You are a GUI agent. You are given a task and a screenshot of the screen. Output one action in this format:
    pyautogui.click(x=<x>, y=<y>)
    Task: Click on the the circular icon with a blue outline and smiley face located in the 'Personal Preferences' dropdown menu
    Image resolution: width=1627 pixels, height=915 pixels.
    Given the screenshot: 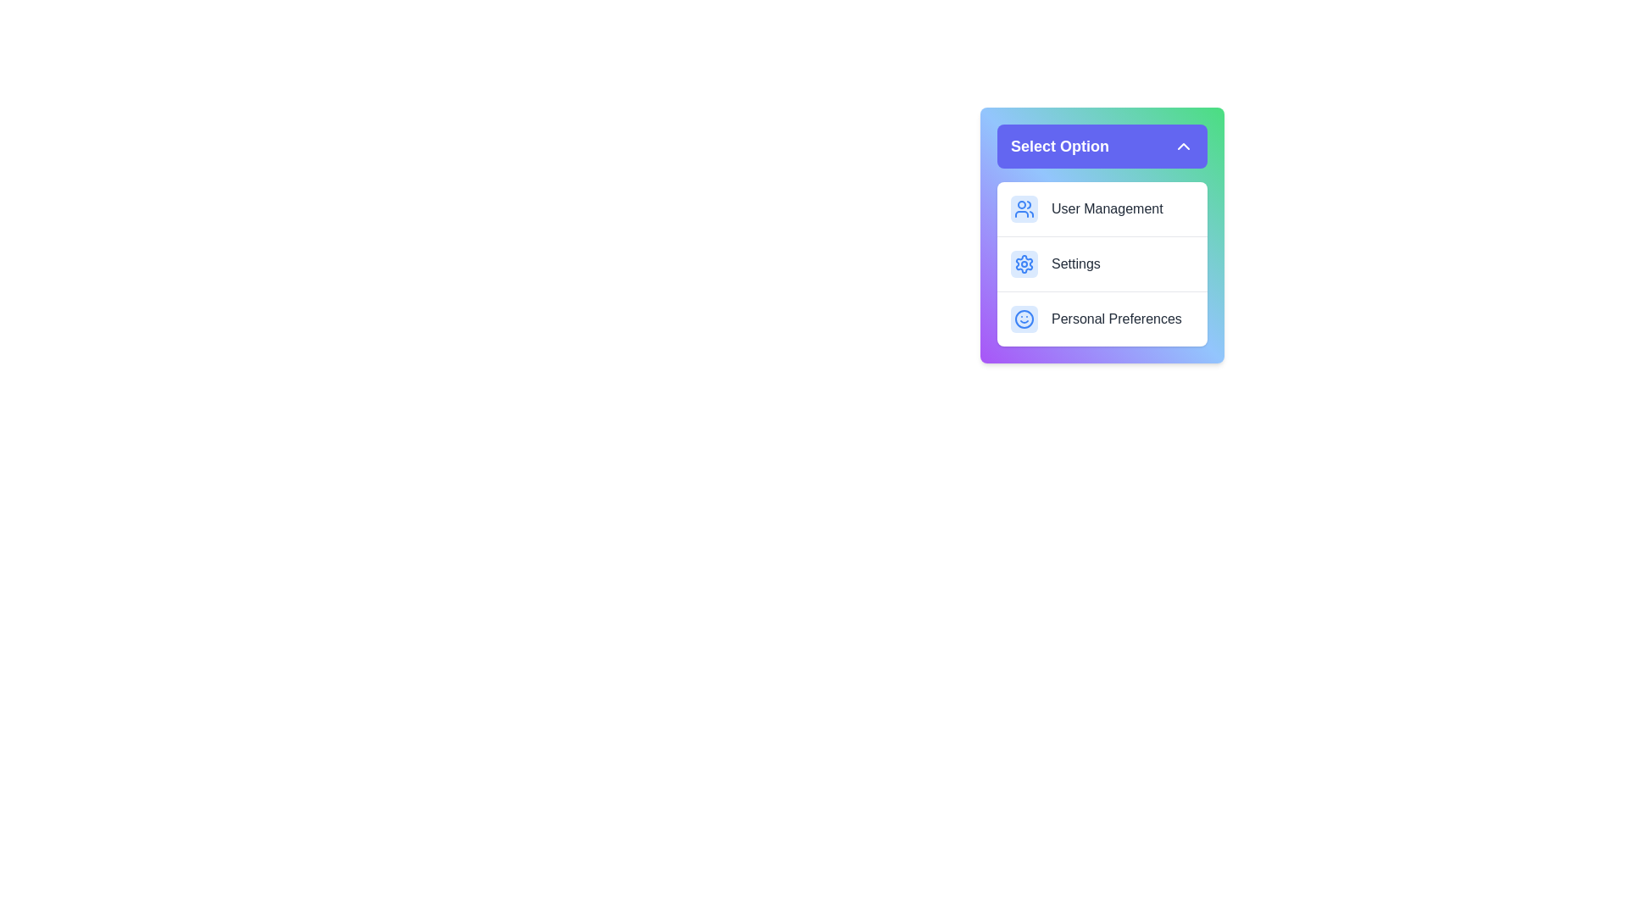 What is the action you would take?
    pyautogui.click(x=1024, y=319)
    